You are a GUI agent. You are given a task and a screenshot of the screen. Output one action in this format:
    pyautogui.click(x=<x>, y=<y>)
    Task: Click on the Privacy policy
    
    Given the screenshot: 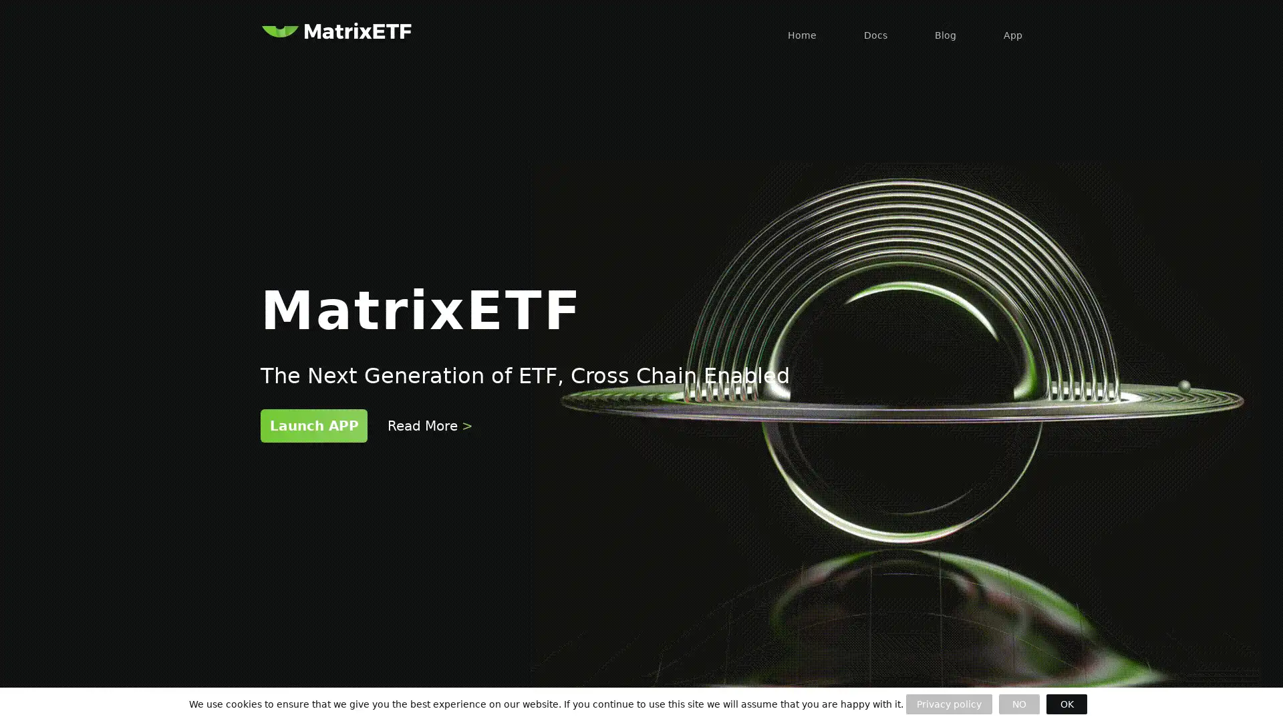 What is the action you would take?
    pyautogui.click(x=948, y=704)
    